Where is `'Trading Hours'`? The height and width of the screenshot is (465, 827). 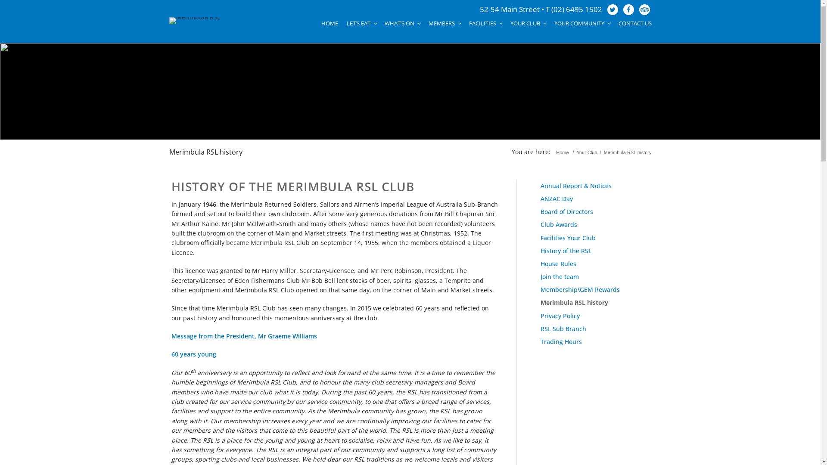
'Trading Hours' is located at coordinates (540, 341).